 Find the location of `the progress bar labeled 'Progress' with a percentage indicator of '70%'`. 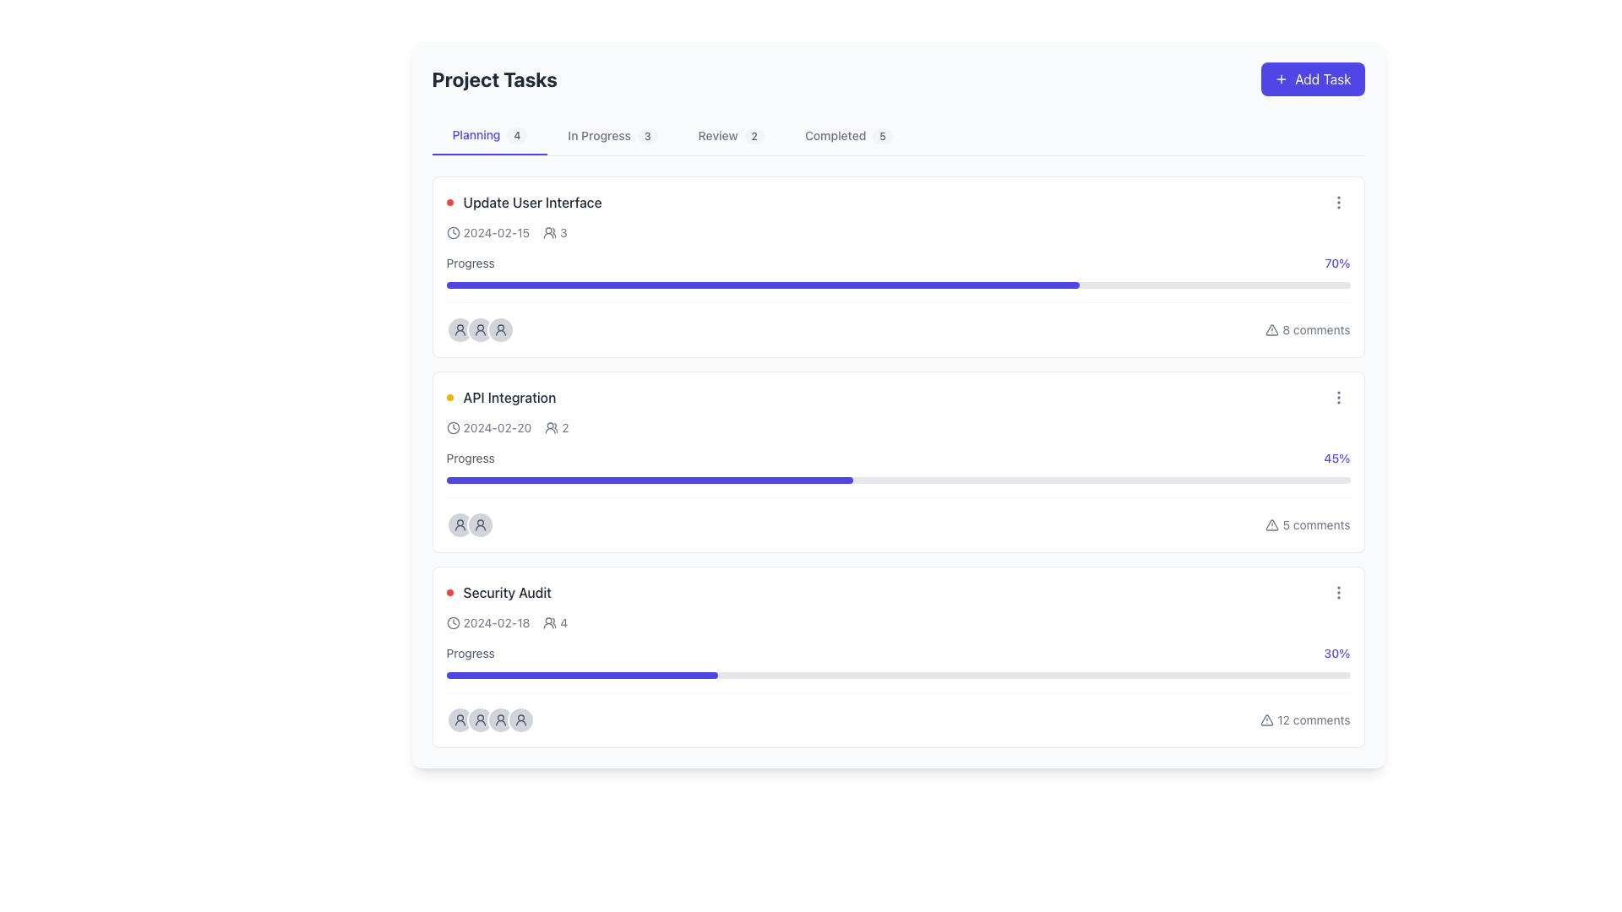

the progress bar labeled 'Progress' with a percentage indicator of '70%' is located at coordinates (897, 270).